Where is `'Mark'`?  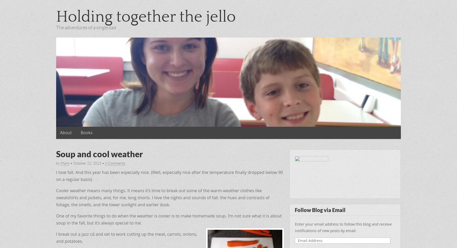 'Mark' is located at coordinates (65, 162).